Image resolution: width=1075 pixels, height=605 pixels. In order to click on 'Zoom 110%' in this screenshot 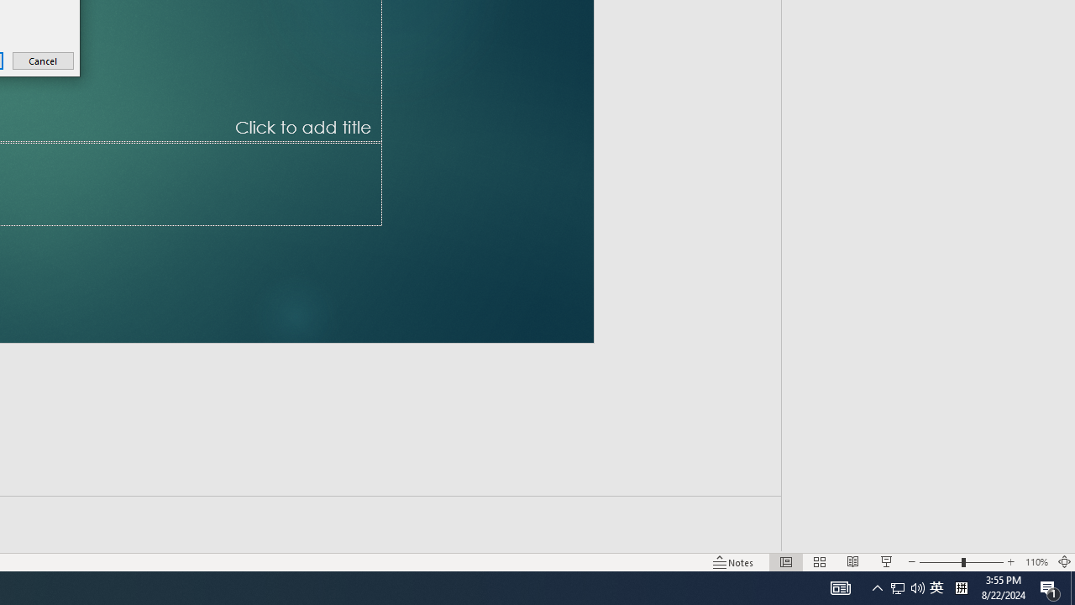, I will do `click(1036, 562)`.